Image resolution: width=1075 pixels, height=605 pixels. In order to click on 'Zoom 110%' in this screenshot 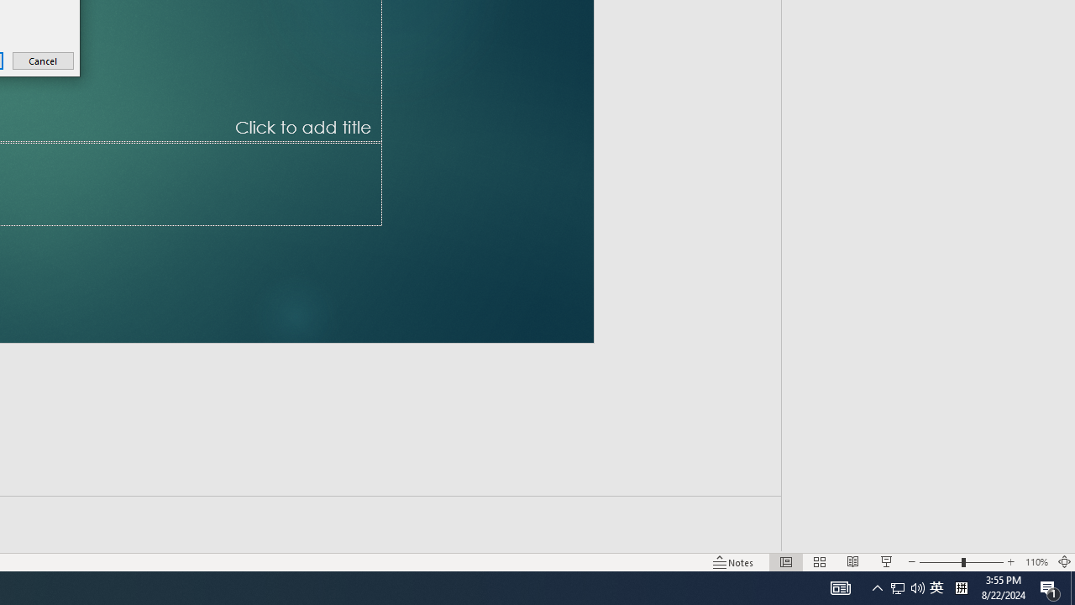, I will do `click(1036, 562)`.